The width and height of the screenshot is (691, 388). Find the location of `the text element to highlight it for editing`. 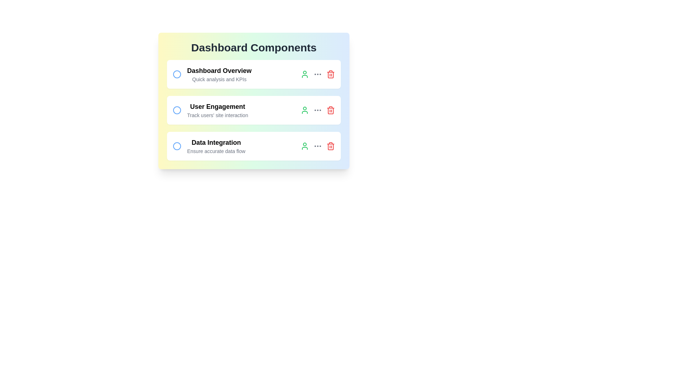

the text element to highlight it for editing is located at coordinates (219, 70).